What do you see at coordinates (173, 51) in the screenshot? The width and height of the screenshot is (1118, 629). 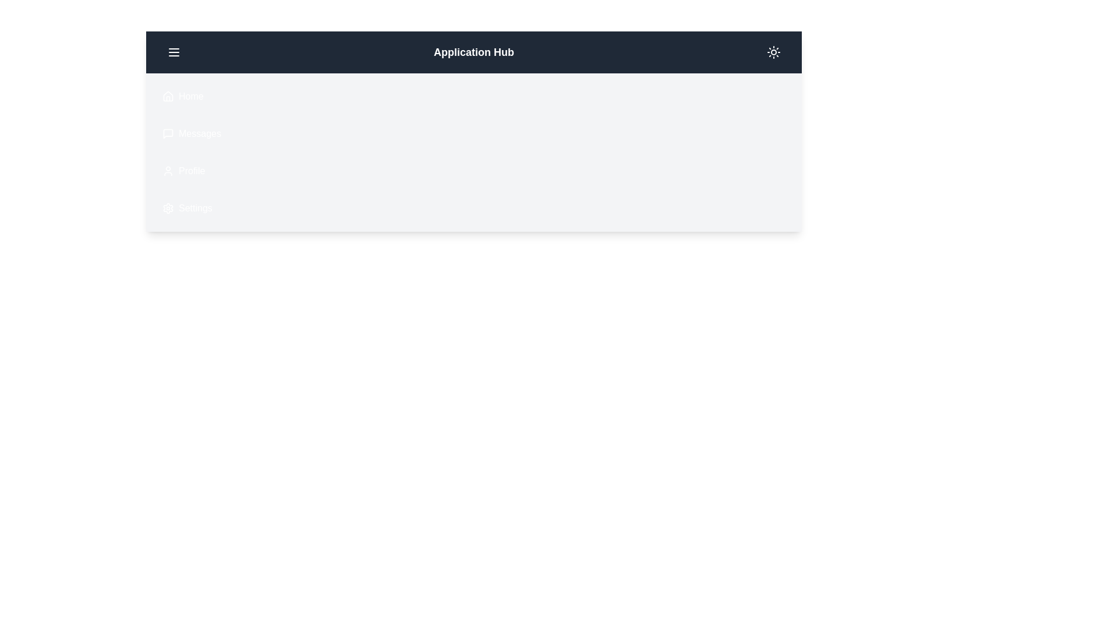 I see `the menu toggle button to toggle the menu visibility` at bounding box center [173, 51].